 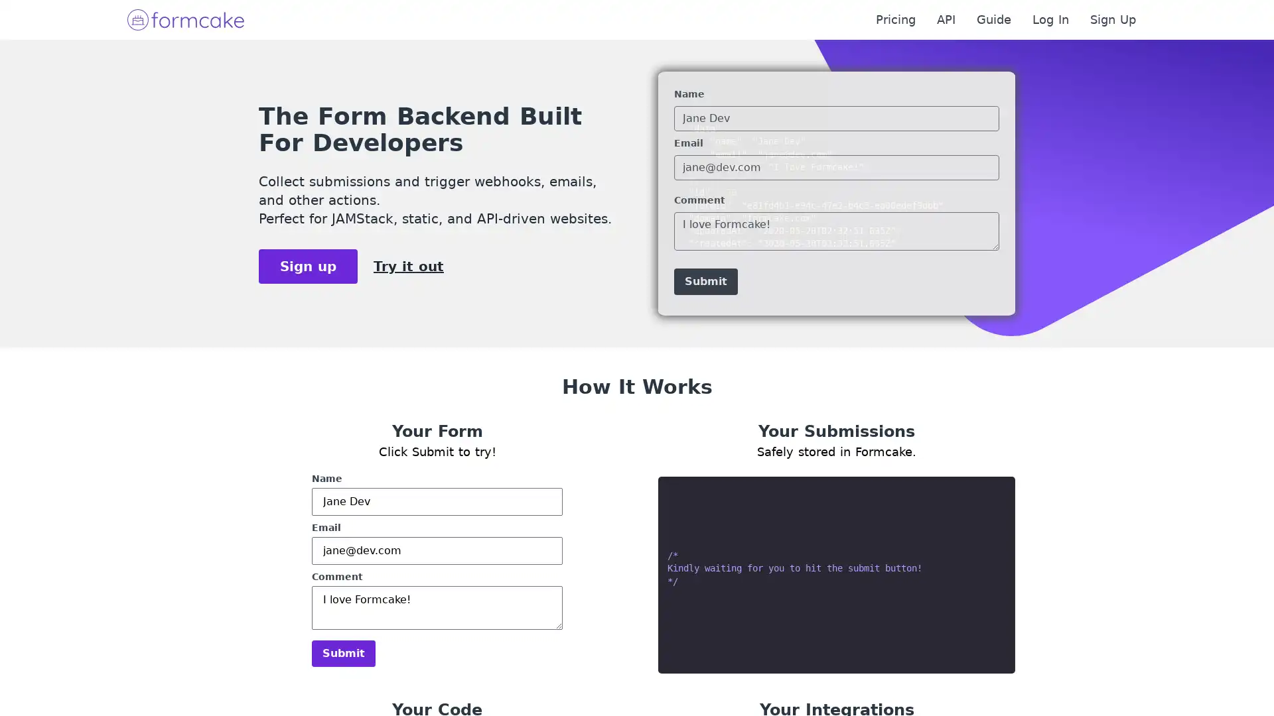 What do you see at coordinates (705, 280) in the screenshot?
I see `Submit` at bounding box center [705, 280].